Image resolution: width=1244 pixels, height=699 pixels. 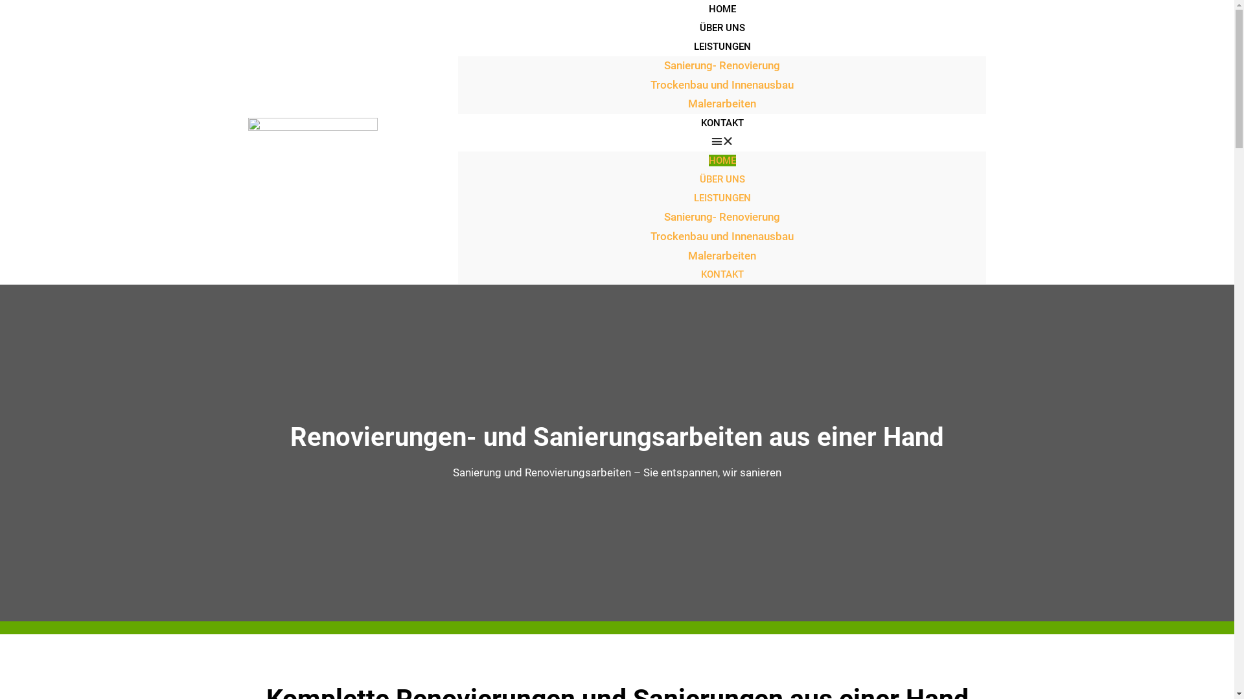 What do you see at coordinates (721, 65) in the screenshot?
I see `'Sanierung- Renovierung'` at bounding box center [721, 65].